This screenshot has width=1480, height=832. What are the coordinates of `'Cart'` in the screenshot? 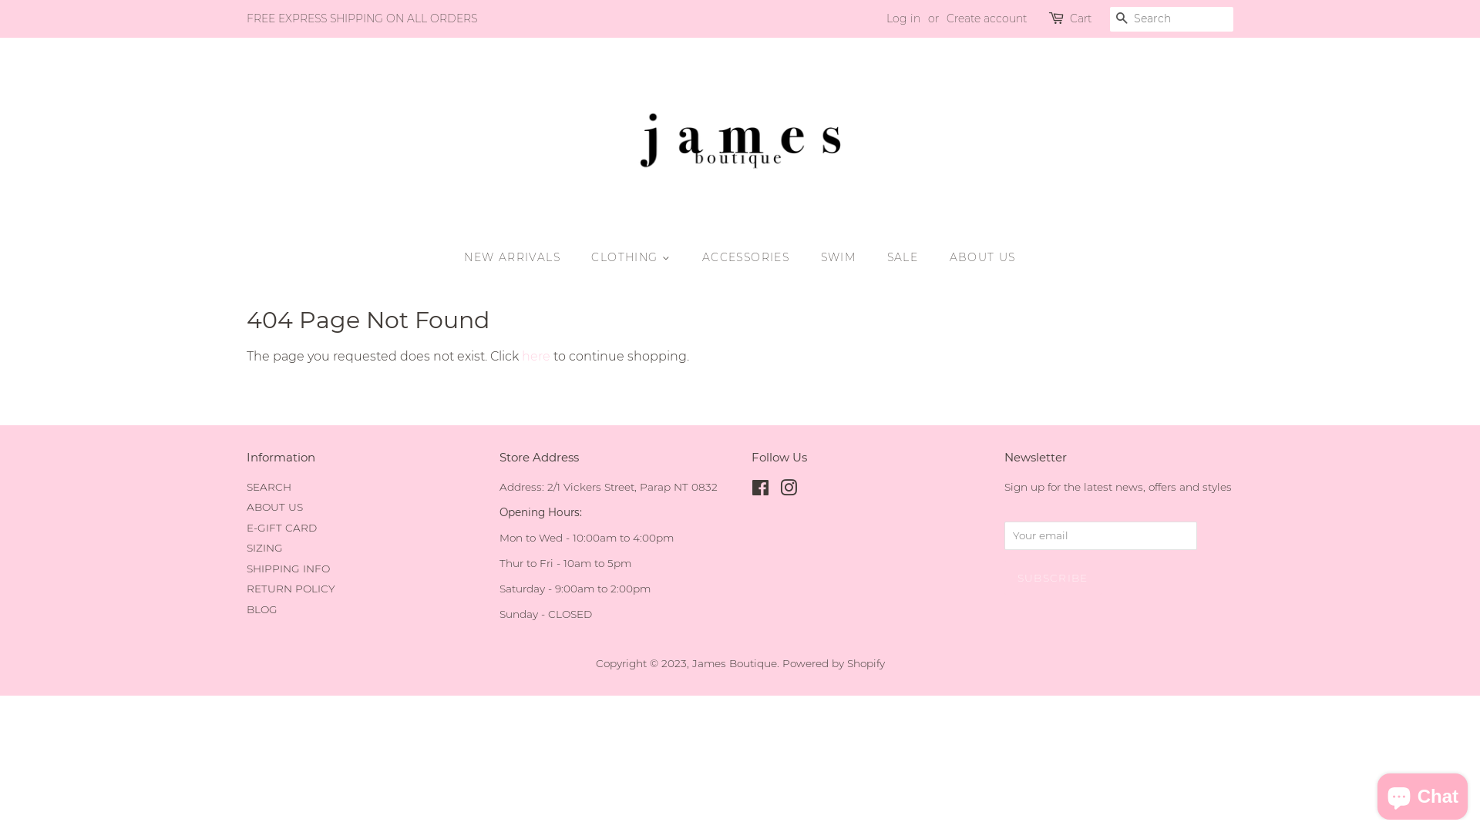 It's located at (1079, 18).